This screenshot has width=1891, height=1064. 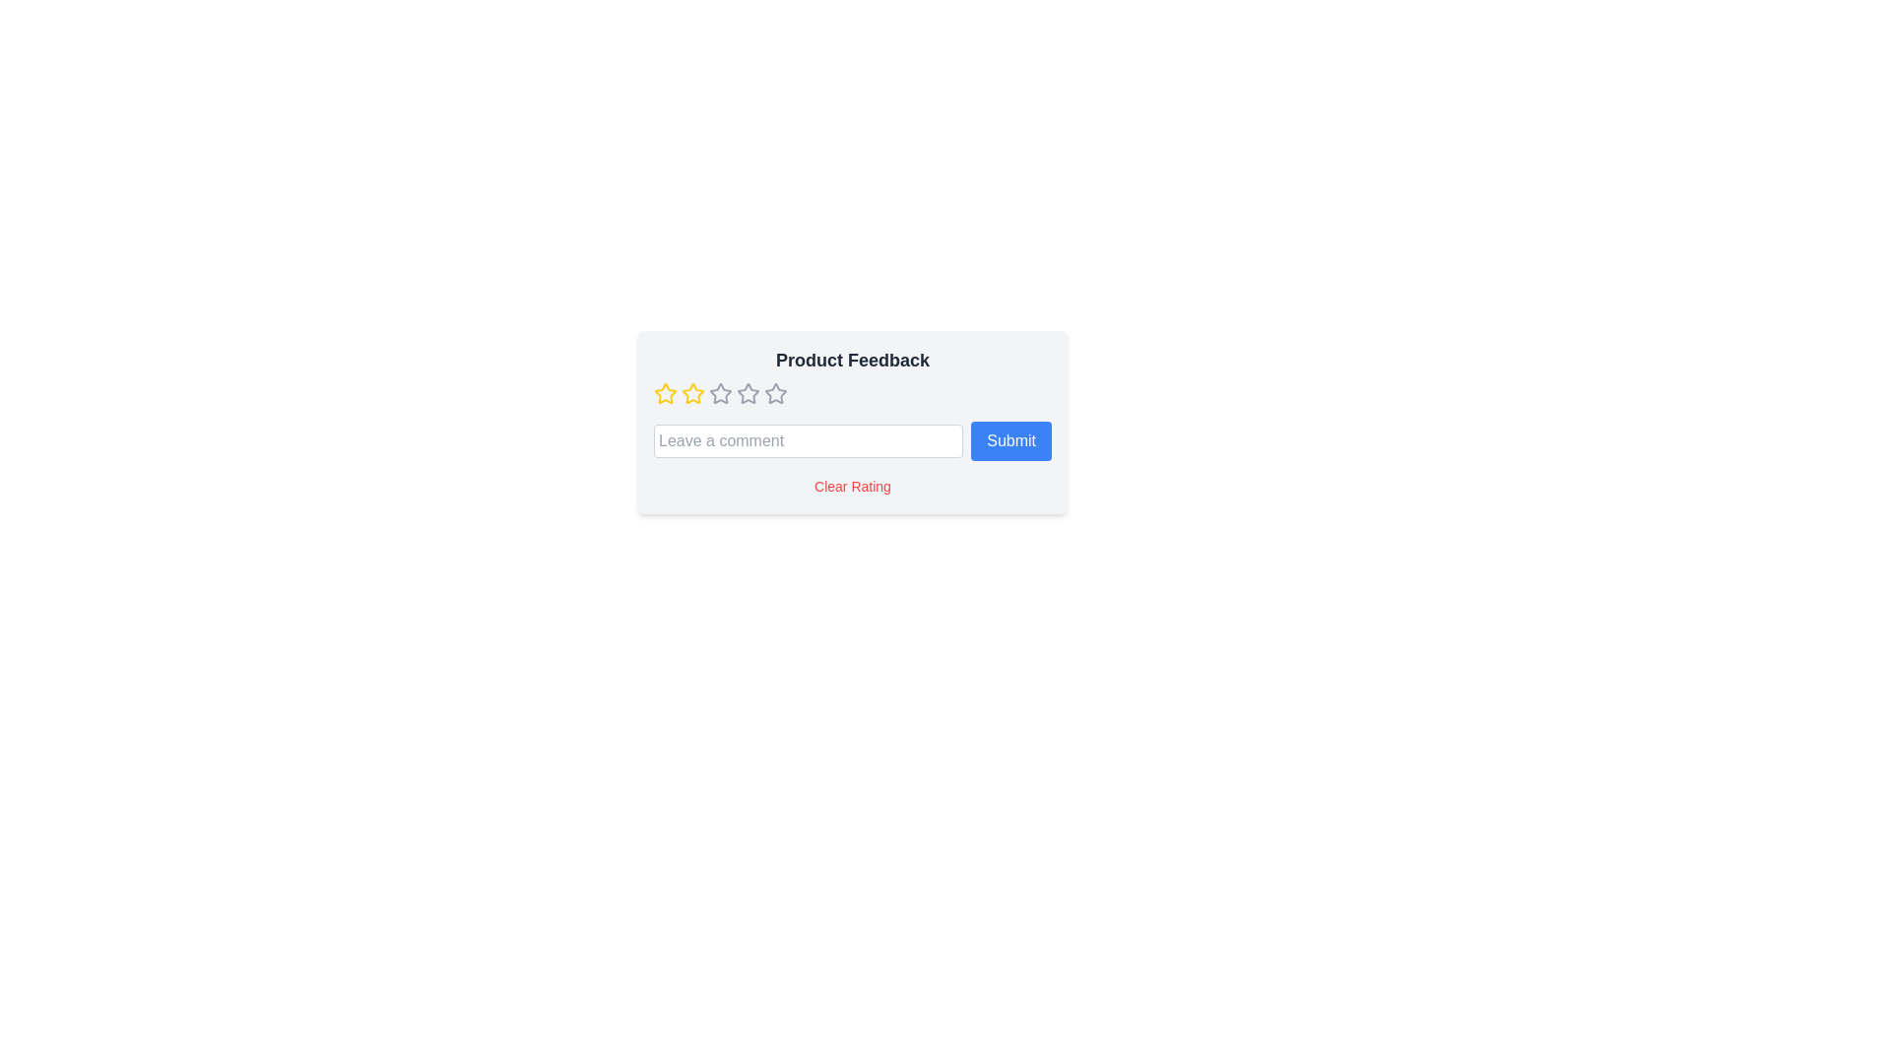 I want to click on the rating to 2 by clicking on the corresponding star, so click(x=693, y=394).